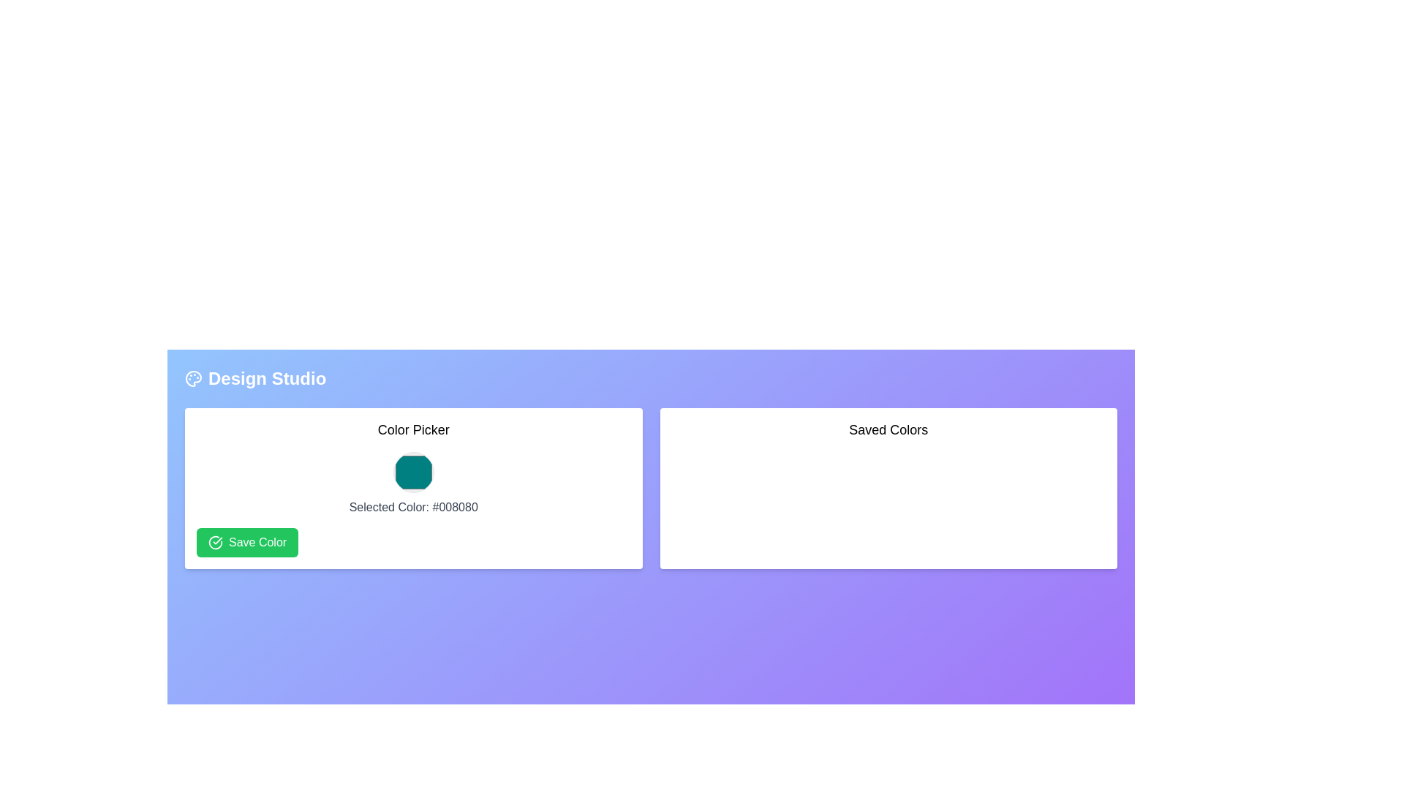 This screenshot has width=1404, height=790. Describe the element at coordinates (192, 377) in the screenshot. I see `the palette icon located at the leftmost side of the title bar, which precedes the text 'Design Studio'` at that location.